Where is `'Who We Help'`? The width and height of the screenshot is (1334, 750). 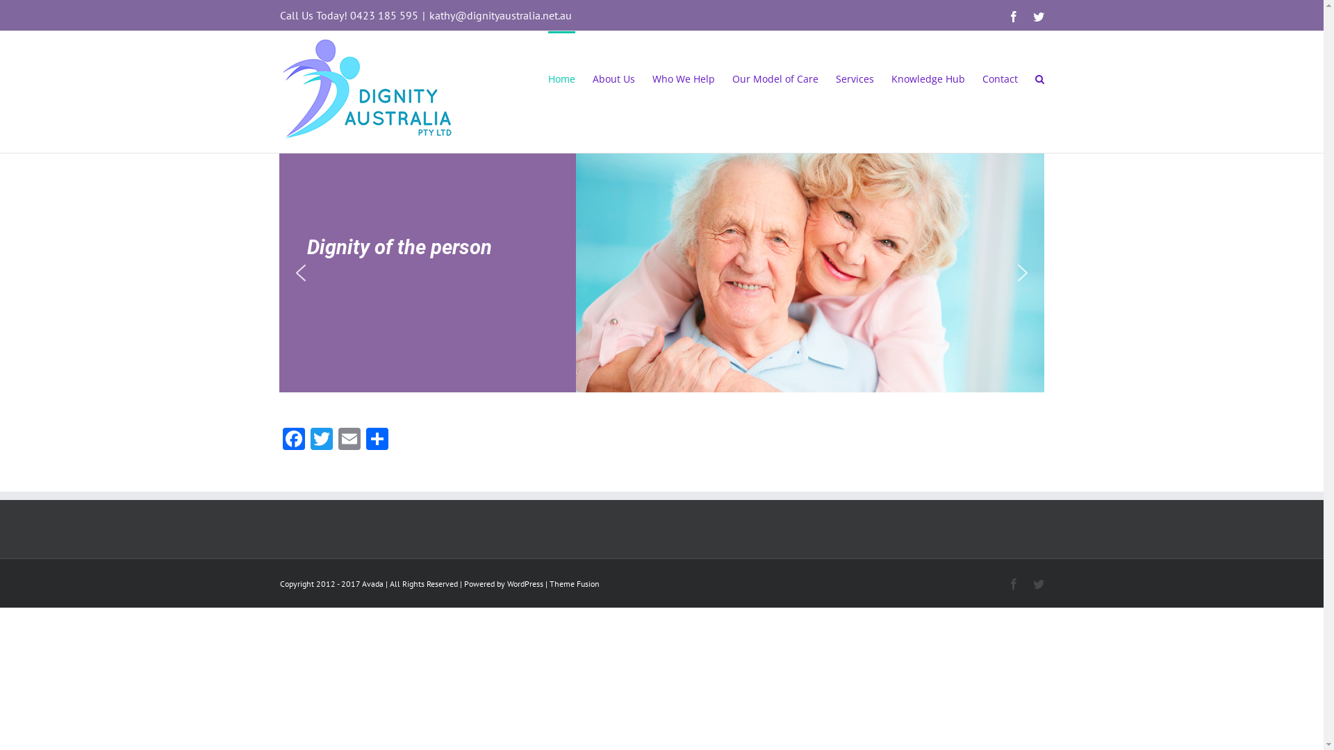 'Who We Help' is located at coordinates (650, 78).